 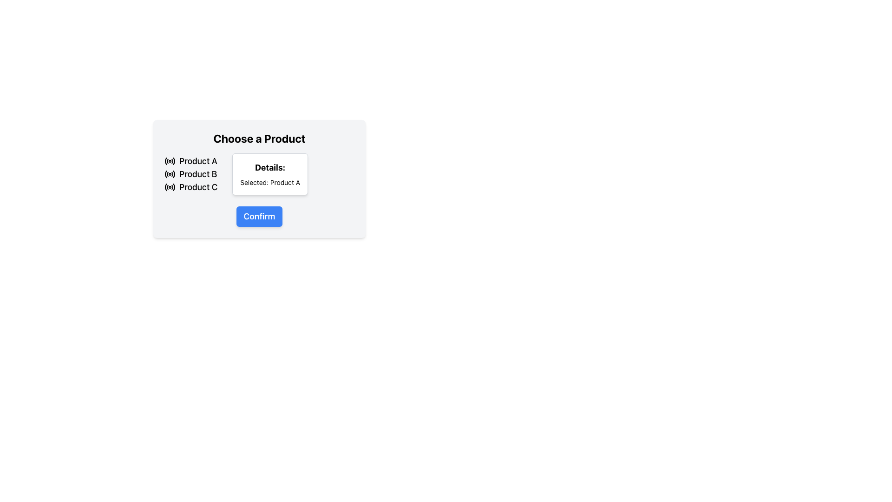 What do you see at coordinates (197, 161) in the screenshot?
I see `the text label displaying 'Product A', which is in bold, medium-sized black font and is positioned to the right of a circular radio button icon` at bounding box center [197, 161].